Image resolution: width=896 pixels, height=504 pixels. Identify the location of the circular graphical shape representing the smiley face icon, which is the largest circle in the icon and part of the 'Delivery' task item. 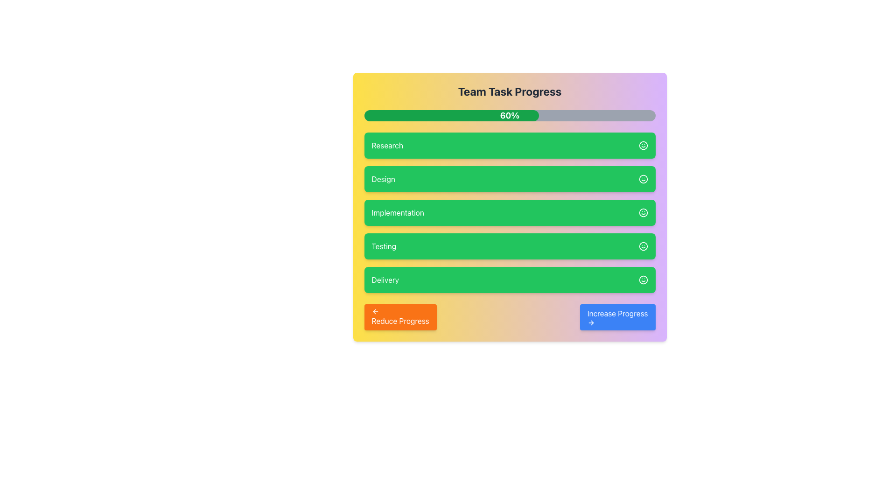
(643, 280).